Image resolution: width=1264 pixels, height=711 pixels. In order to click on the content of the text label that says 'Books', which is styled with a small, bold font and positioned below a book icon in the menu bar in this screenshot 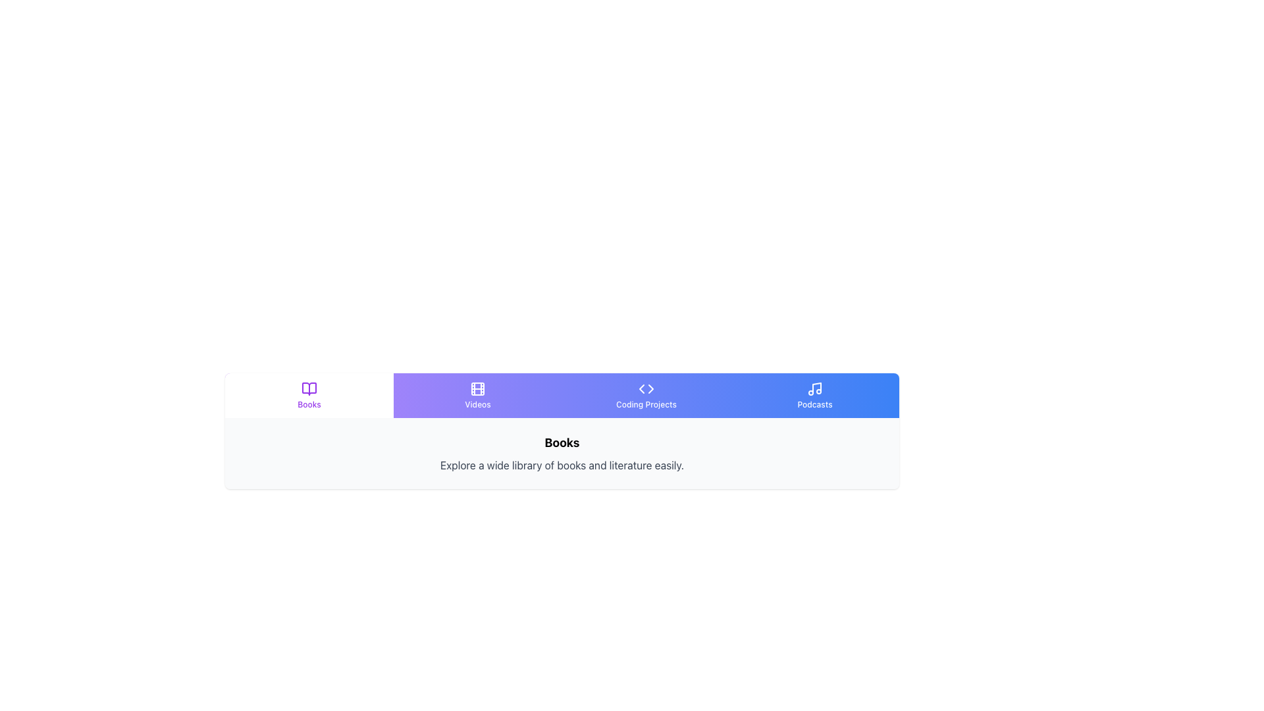, I will do `click(309, 404)`.